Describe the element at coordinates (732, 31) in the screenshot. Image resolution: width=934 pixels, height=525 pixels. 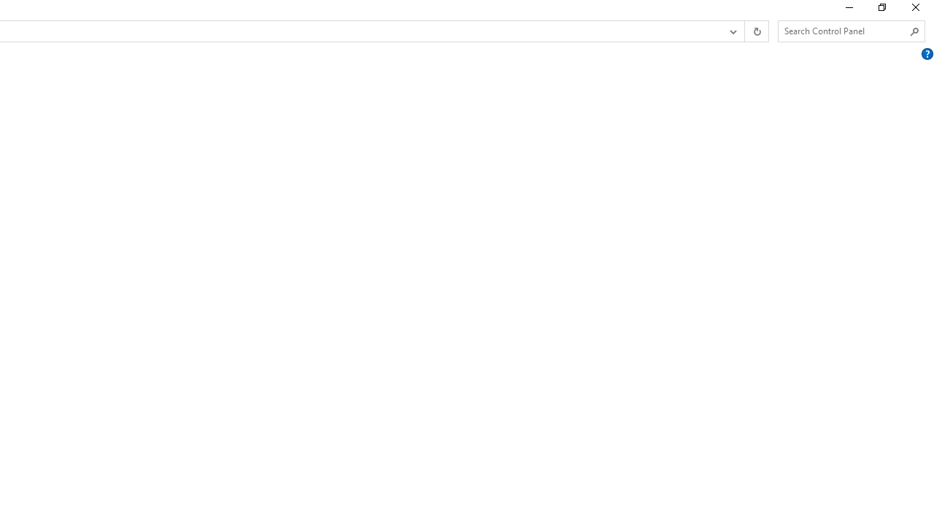
I see `'Previous Locations'` at that location.